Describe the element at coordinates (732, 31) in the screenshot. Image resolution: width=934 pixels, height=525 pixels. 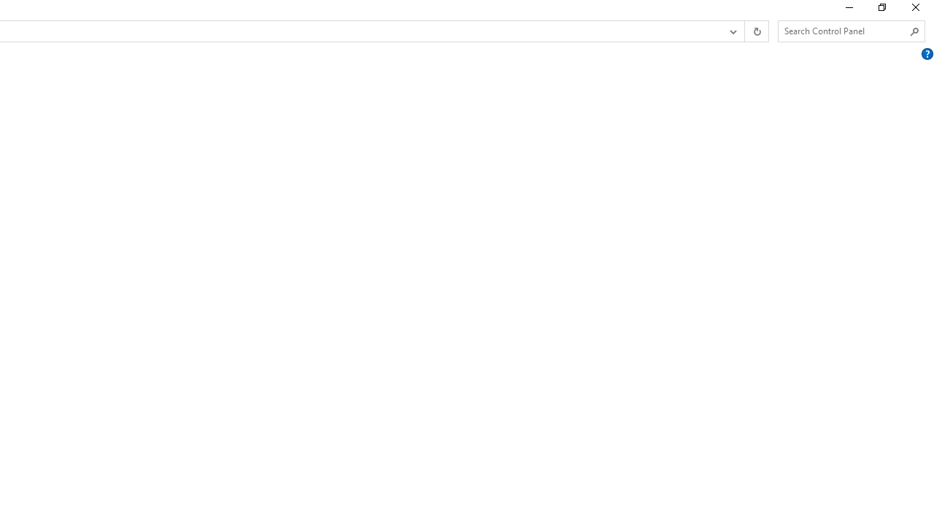
I see `'Previous Locations'` at that location.